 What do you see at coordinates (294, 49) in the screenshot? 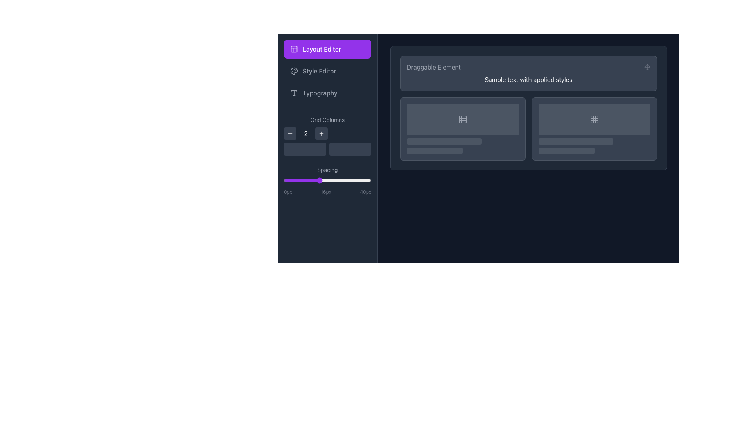
I see `the decorative icon located in the purple header labeled 'Layout Editor', which precedes the text label 'Layout Editor'` at bounding box center [294, 49].